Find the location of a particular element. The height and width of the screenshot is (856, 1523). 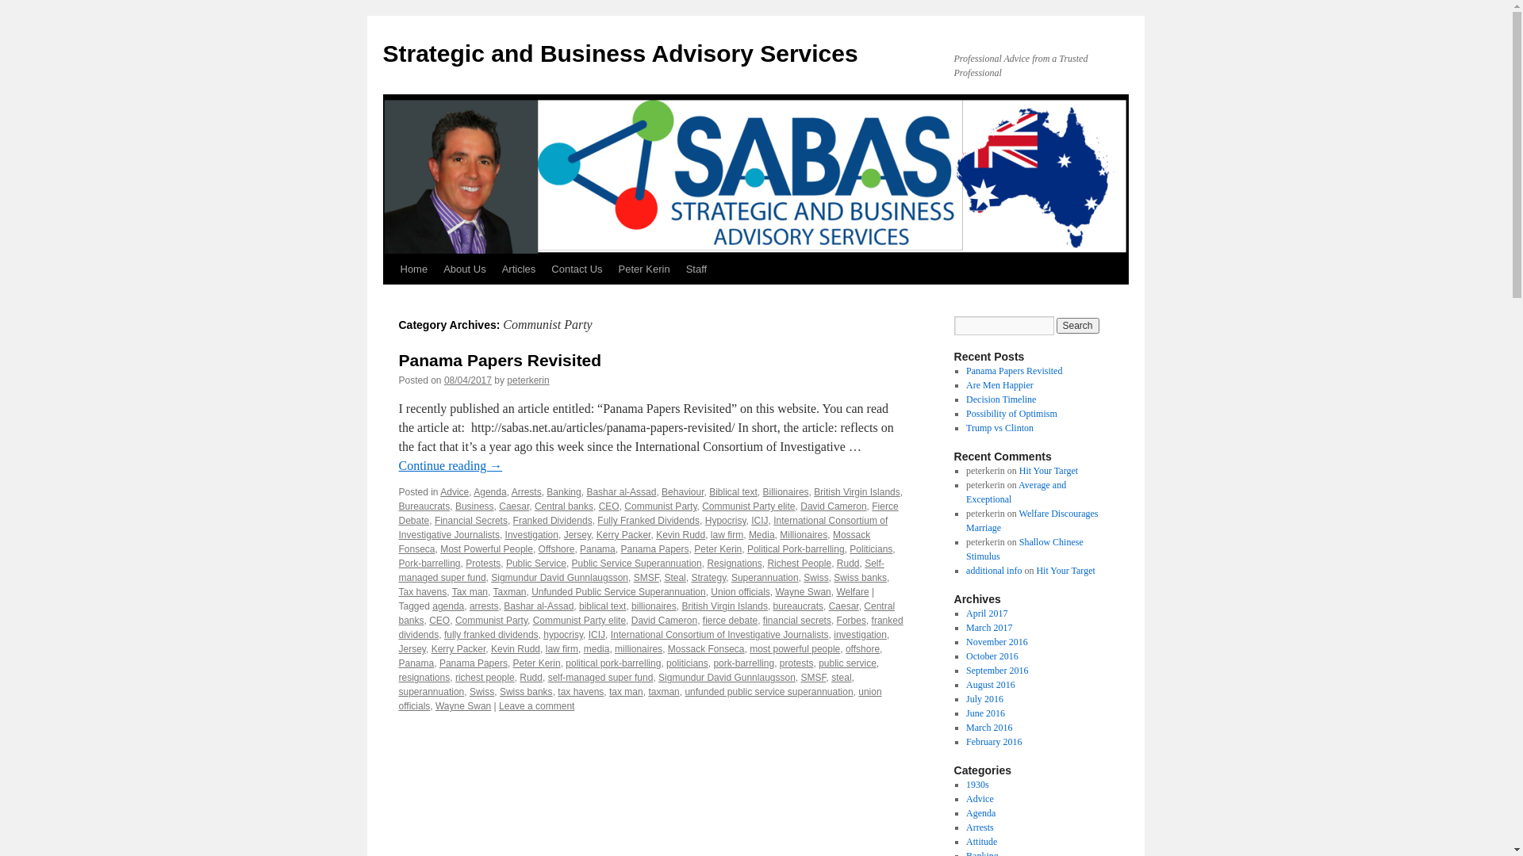

'Forbes' is located at coordinates (850, 620).